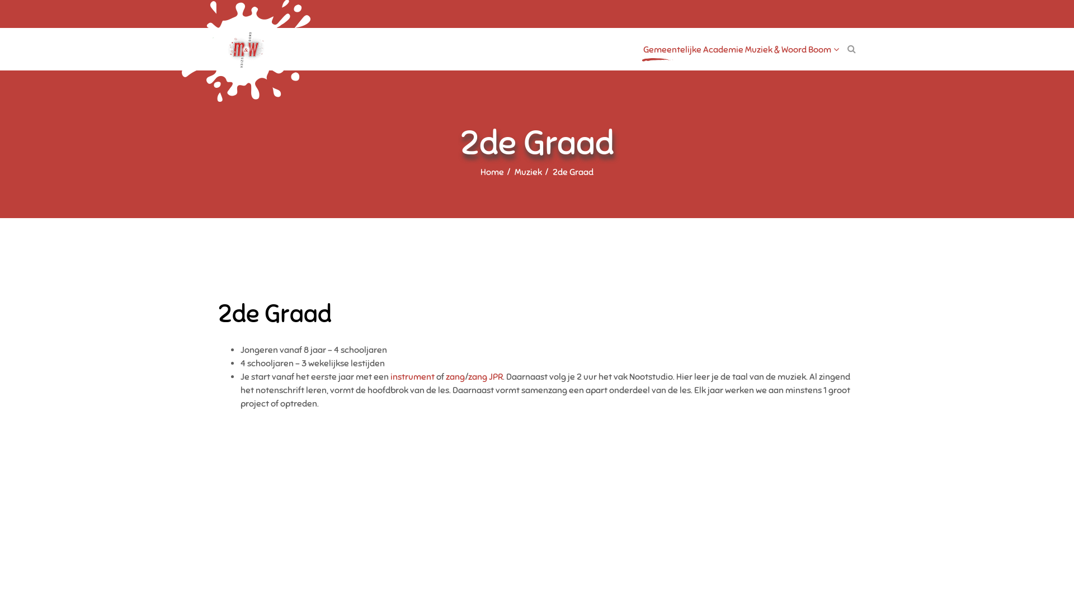 This screenshot has width=1074, height=604. I want to click on 'zang', so click(455, 377).